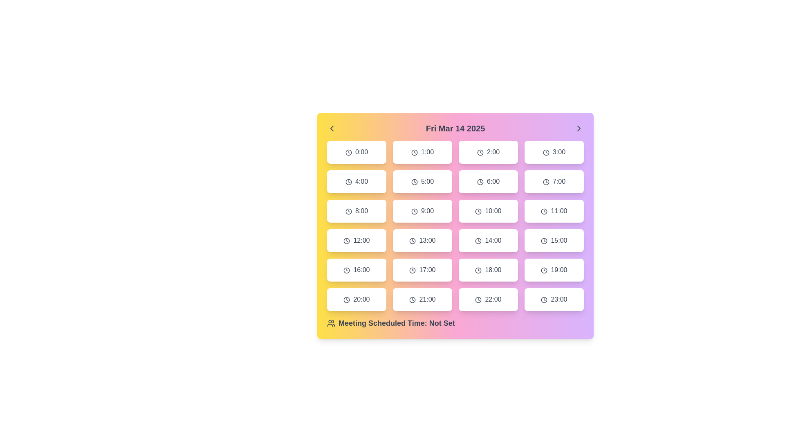 The image size is (785, 442). I want to click on the clock icon located to the left of the text '17:00' within the button-like rounded rectangle, so click(413, 270).